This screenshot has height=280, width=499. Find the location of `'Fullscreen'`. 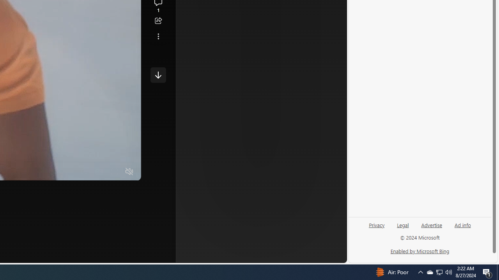

'Fullscreen' is located at coordinates (114, 171).